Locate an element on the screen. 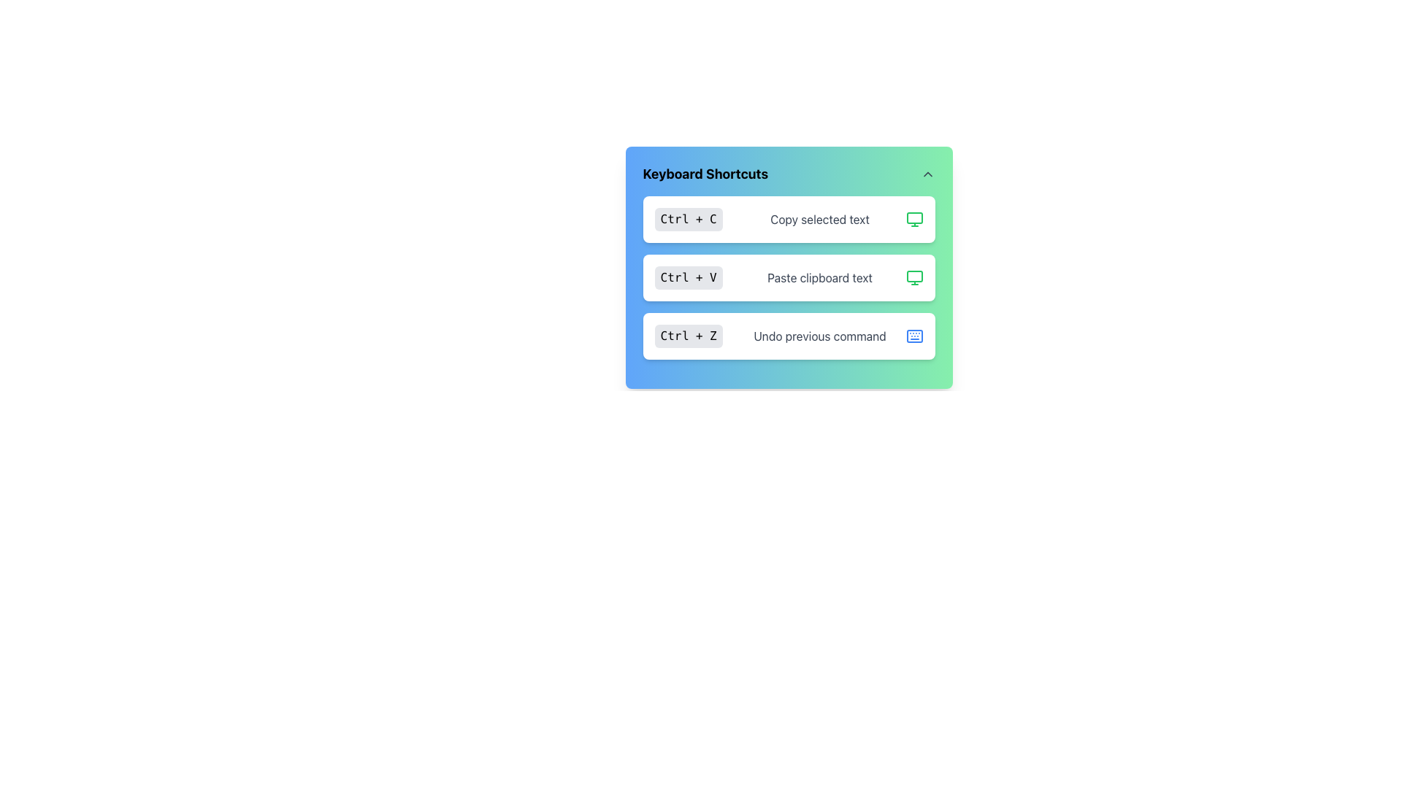 Image resolution: width=1402 pixels, height=788 pixels. the Instruction Card displaying the keyboard shortcut 'Ctrl + Z' with a description 'Undo previous command', located within a green and blue gradient box is located at coordinates (788, 336).